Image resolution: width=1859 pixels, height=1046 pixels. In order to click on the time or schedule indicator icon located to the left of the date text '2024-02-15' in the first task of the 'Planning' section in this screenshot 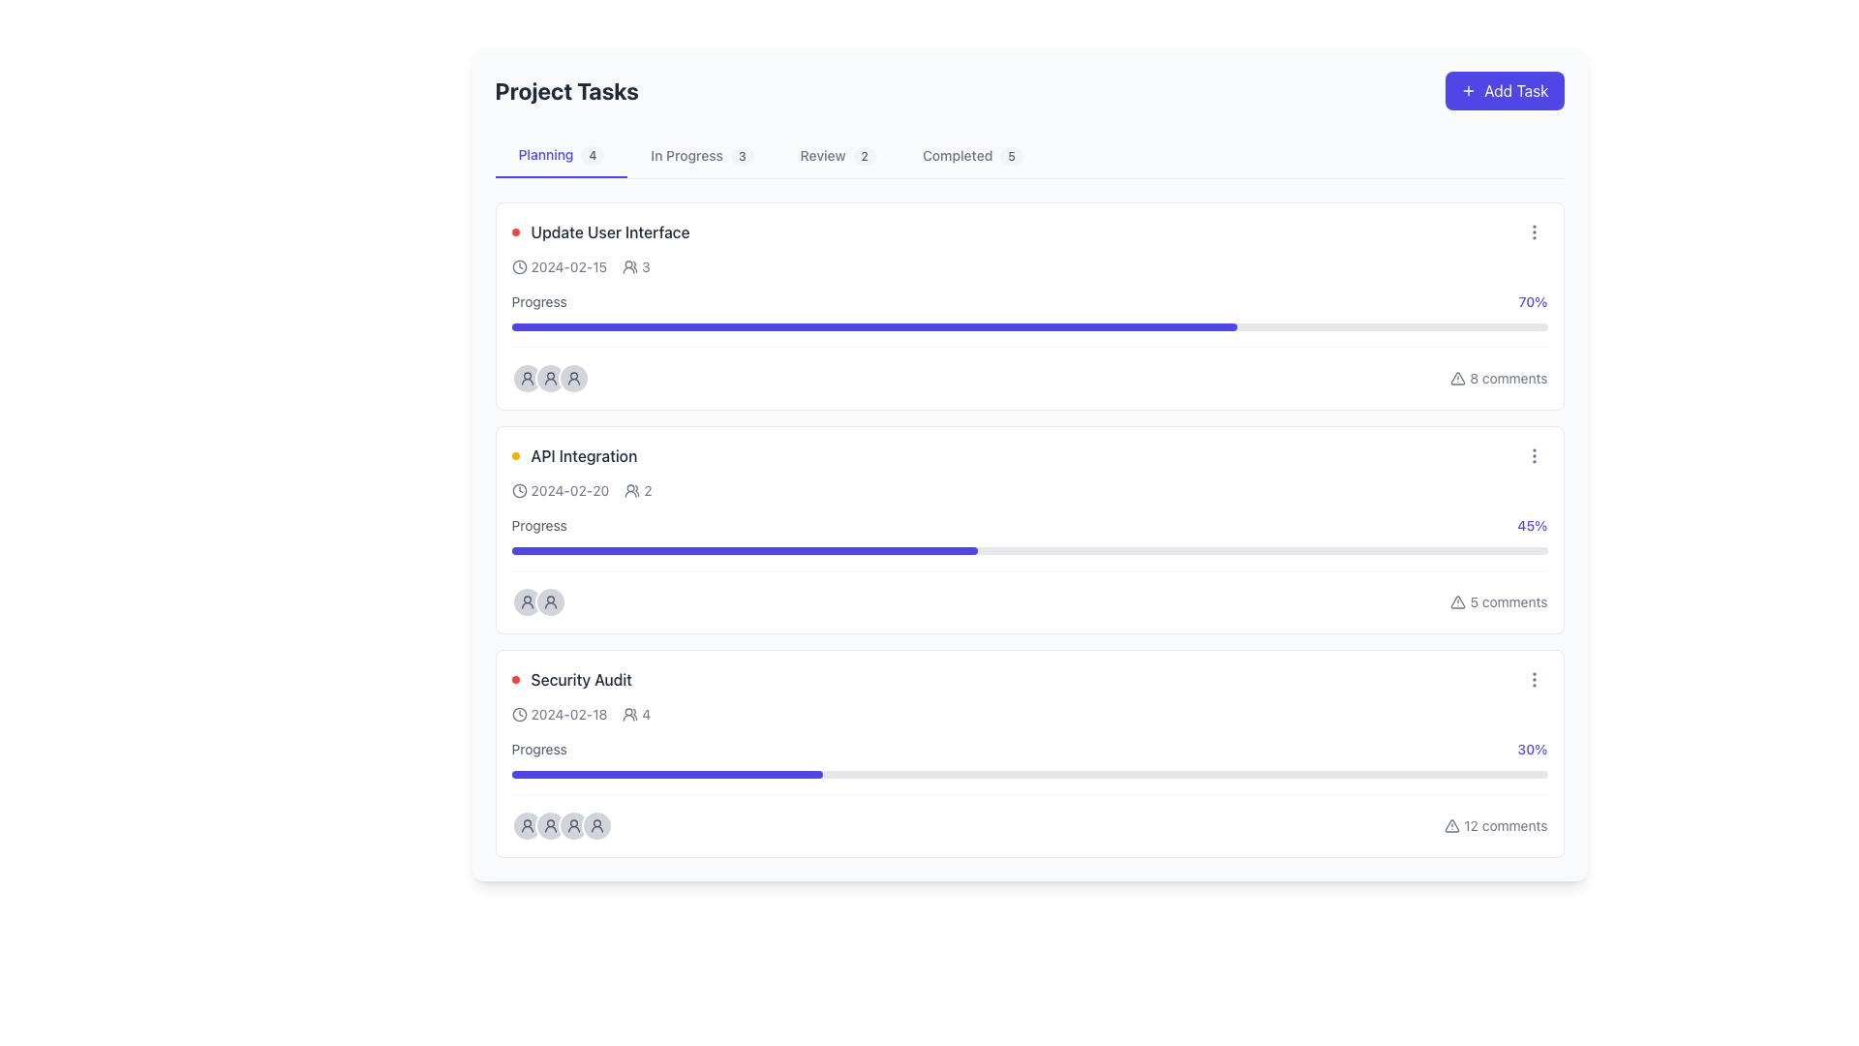, I will do `click(519, 267)`.